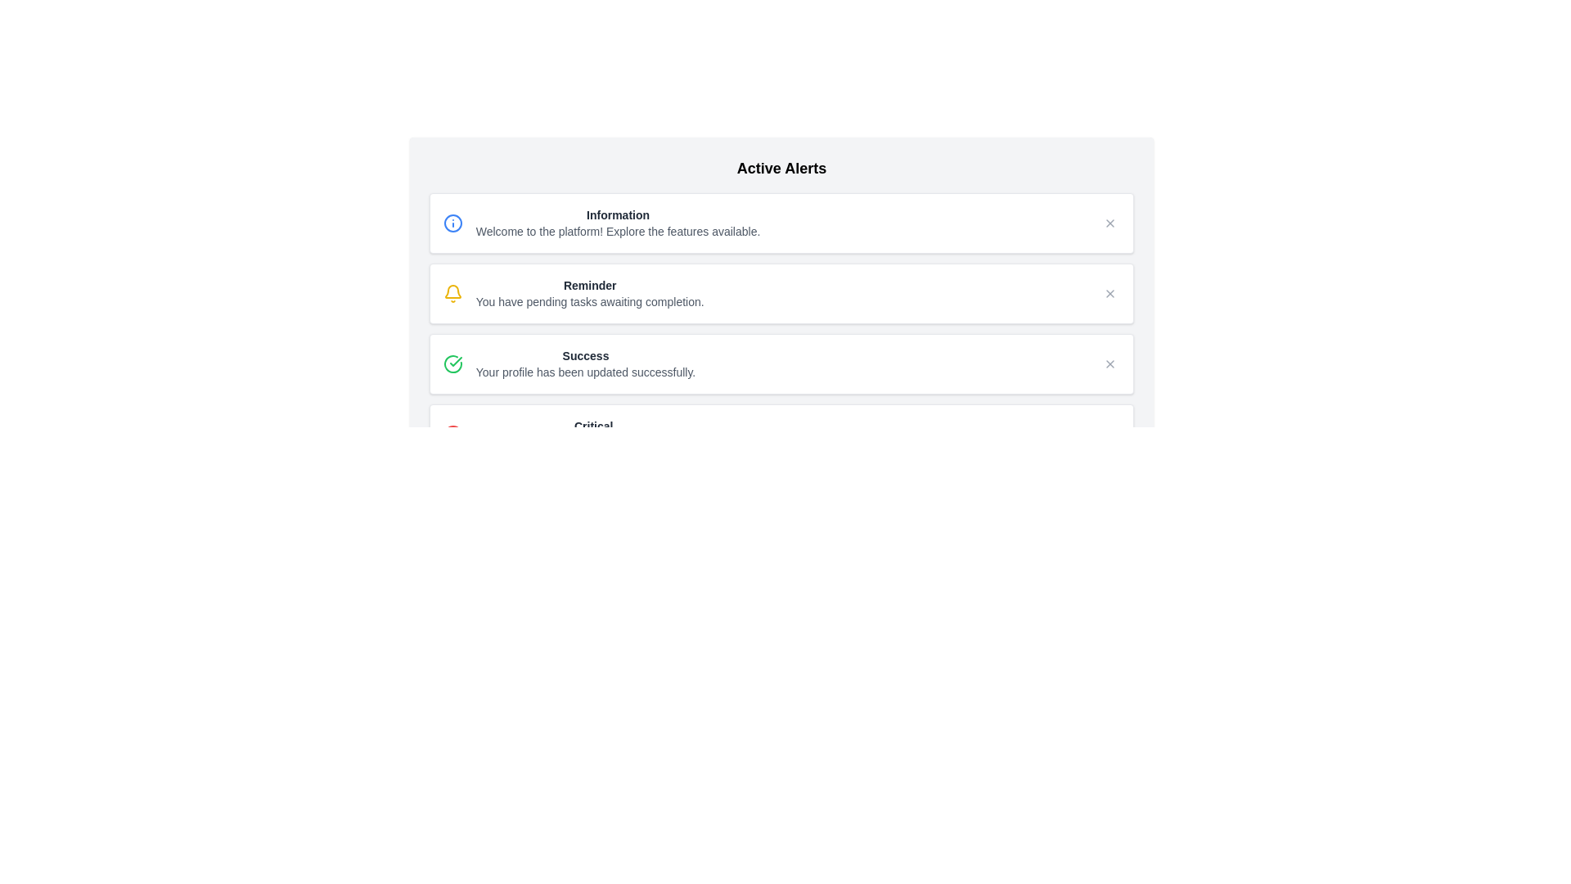 The width and height of the screenshot is (1571, 884). What do you see at coordinates (1110, 363) in the screenshot?
I see `the 'X' icon close button located at the far-right side of the third alert box` at bounding box center [1110, 363].